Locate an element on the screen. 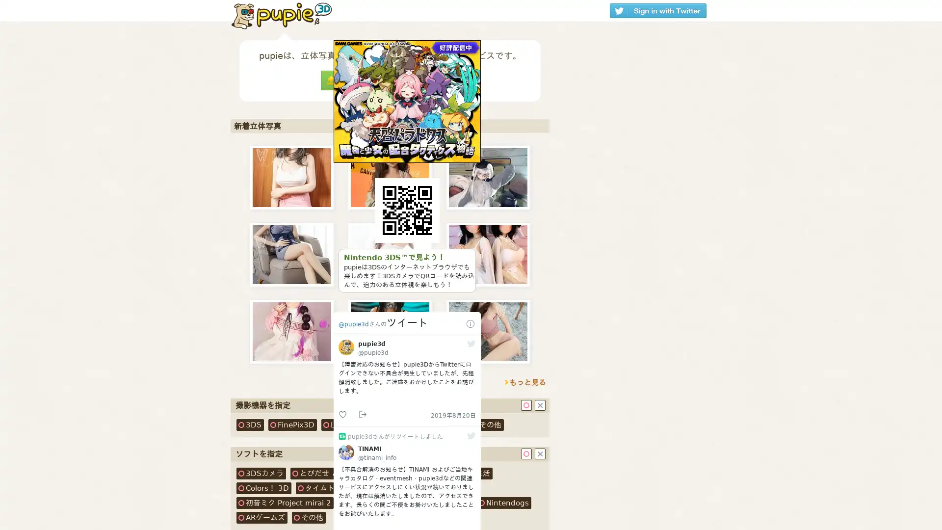  GIRLS MODE is located at coordinates (405, 503).